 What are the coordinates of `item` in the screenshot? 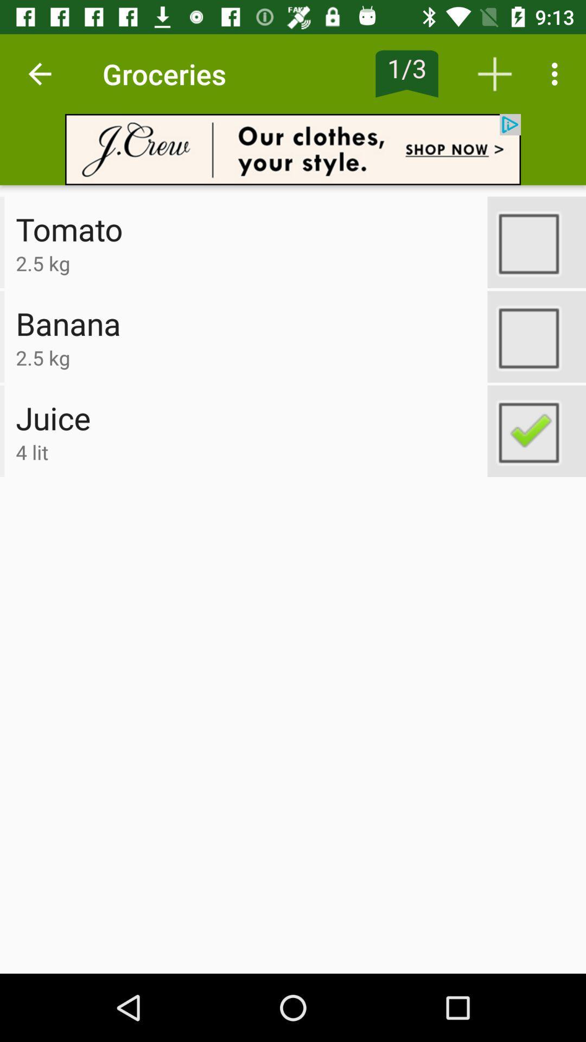 It's located at (536, 336).